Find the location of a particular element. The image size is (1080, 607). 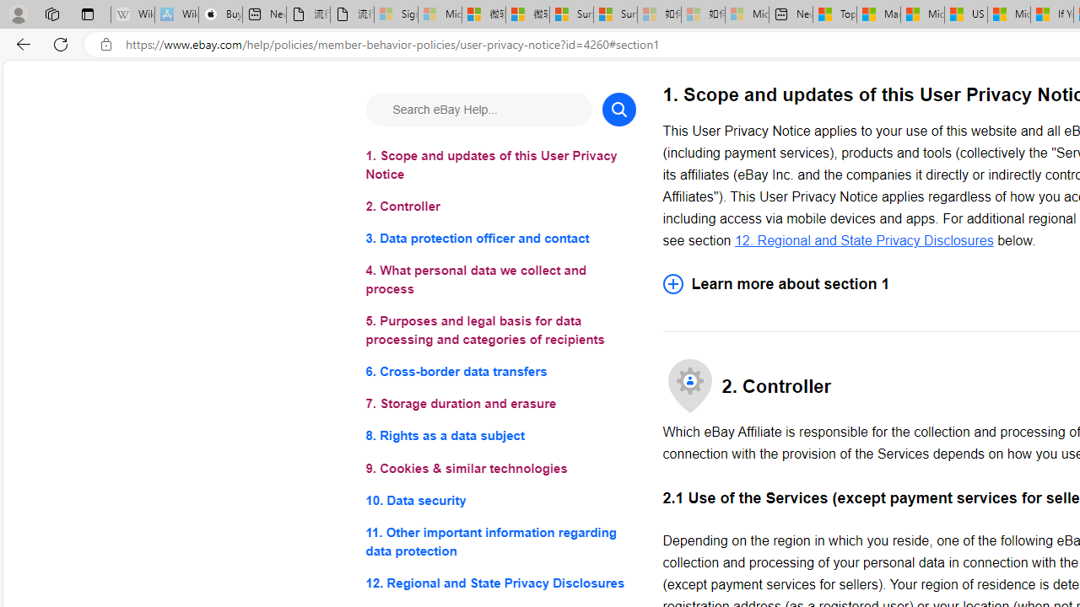

'2. Controller' is located at coordinates (499, 206).